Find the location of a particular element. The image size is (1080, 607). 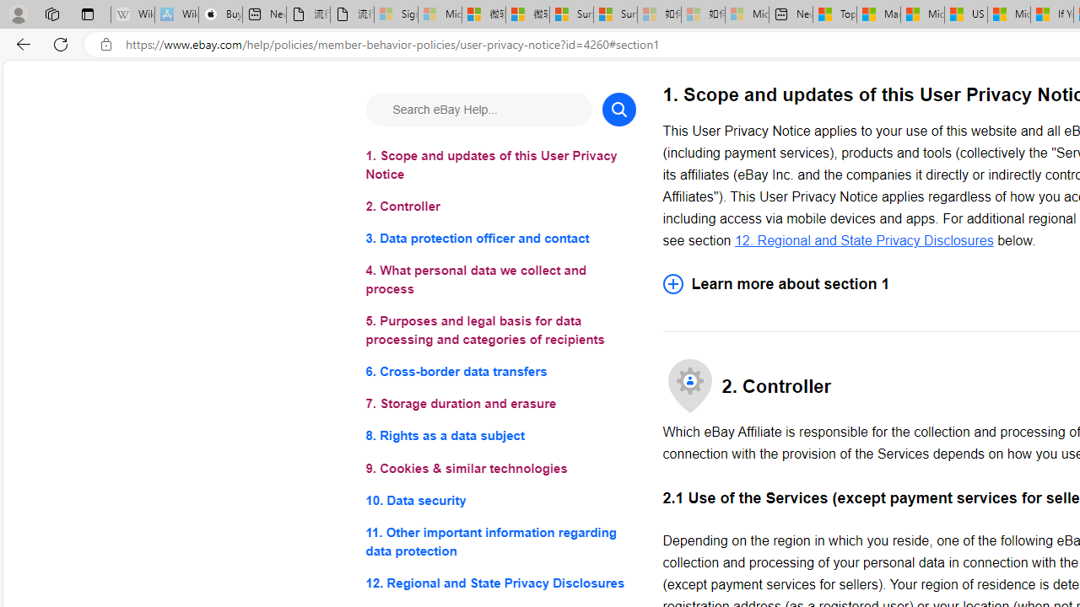

'2. Controller' is located at coordinates (499, 206).